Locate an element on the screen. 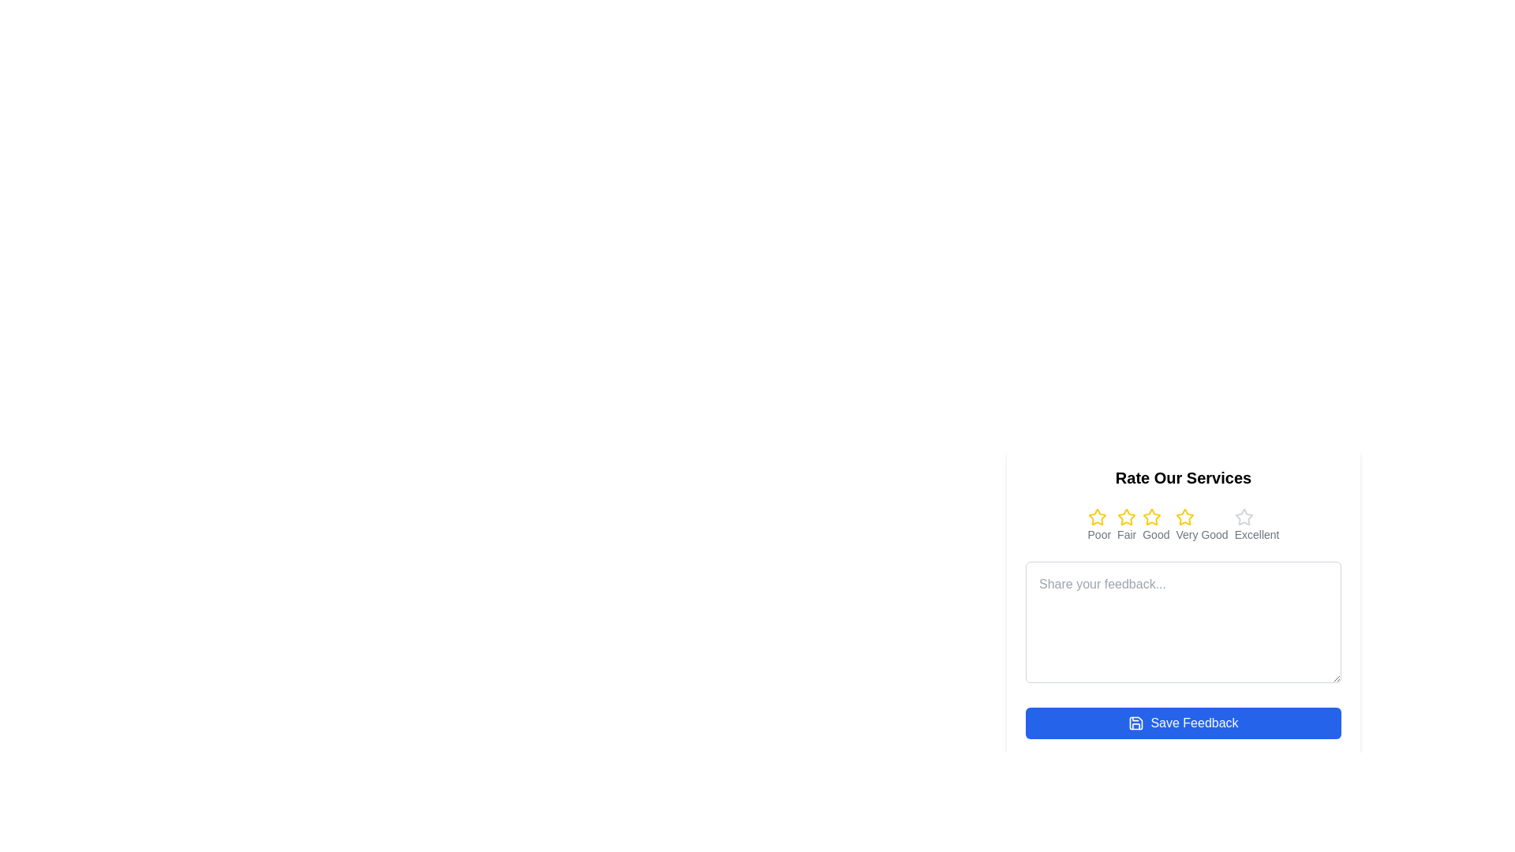 The width and height of the screenshot is (1515, 852). the fourth star in the rating sequence under the label 'Rate Our Services' is located at coordinates (1185, 517).